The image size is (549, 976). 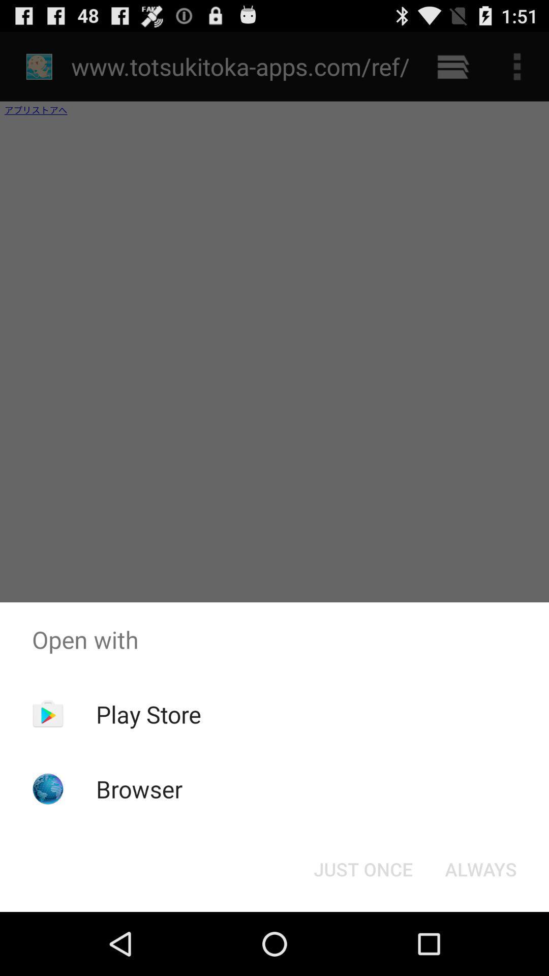 What do you see at coordinates (480, 868) in the screenshot?
I see `item below the open with item` at bounding box center [480, 868].